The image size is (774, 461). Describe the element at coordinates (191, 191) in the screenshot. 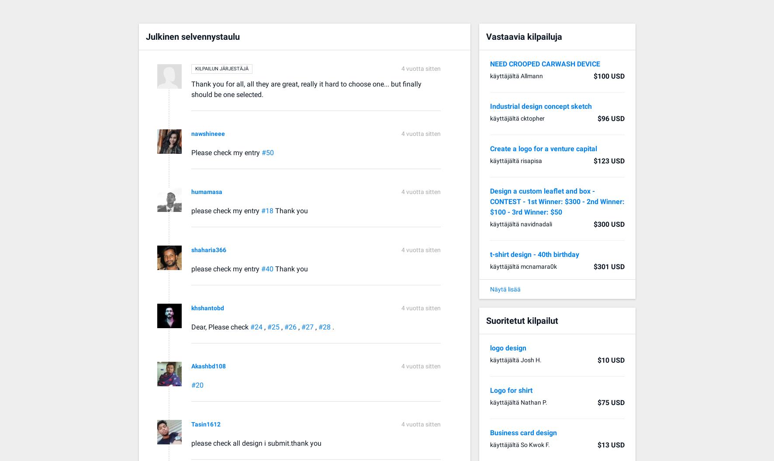

I see `'humamasa'` at that location.